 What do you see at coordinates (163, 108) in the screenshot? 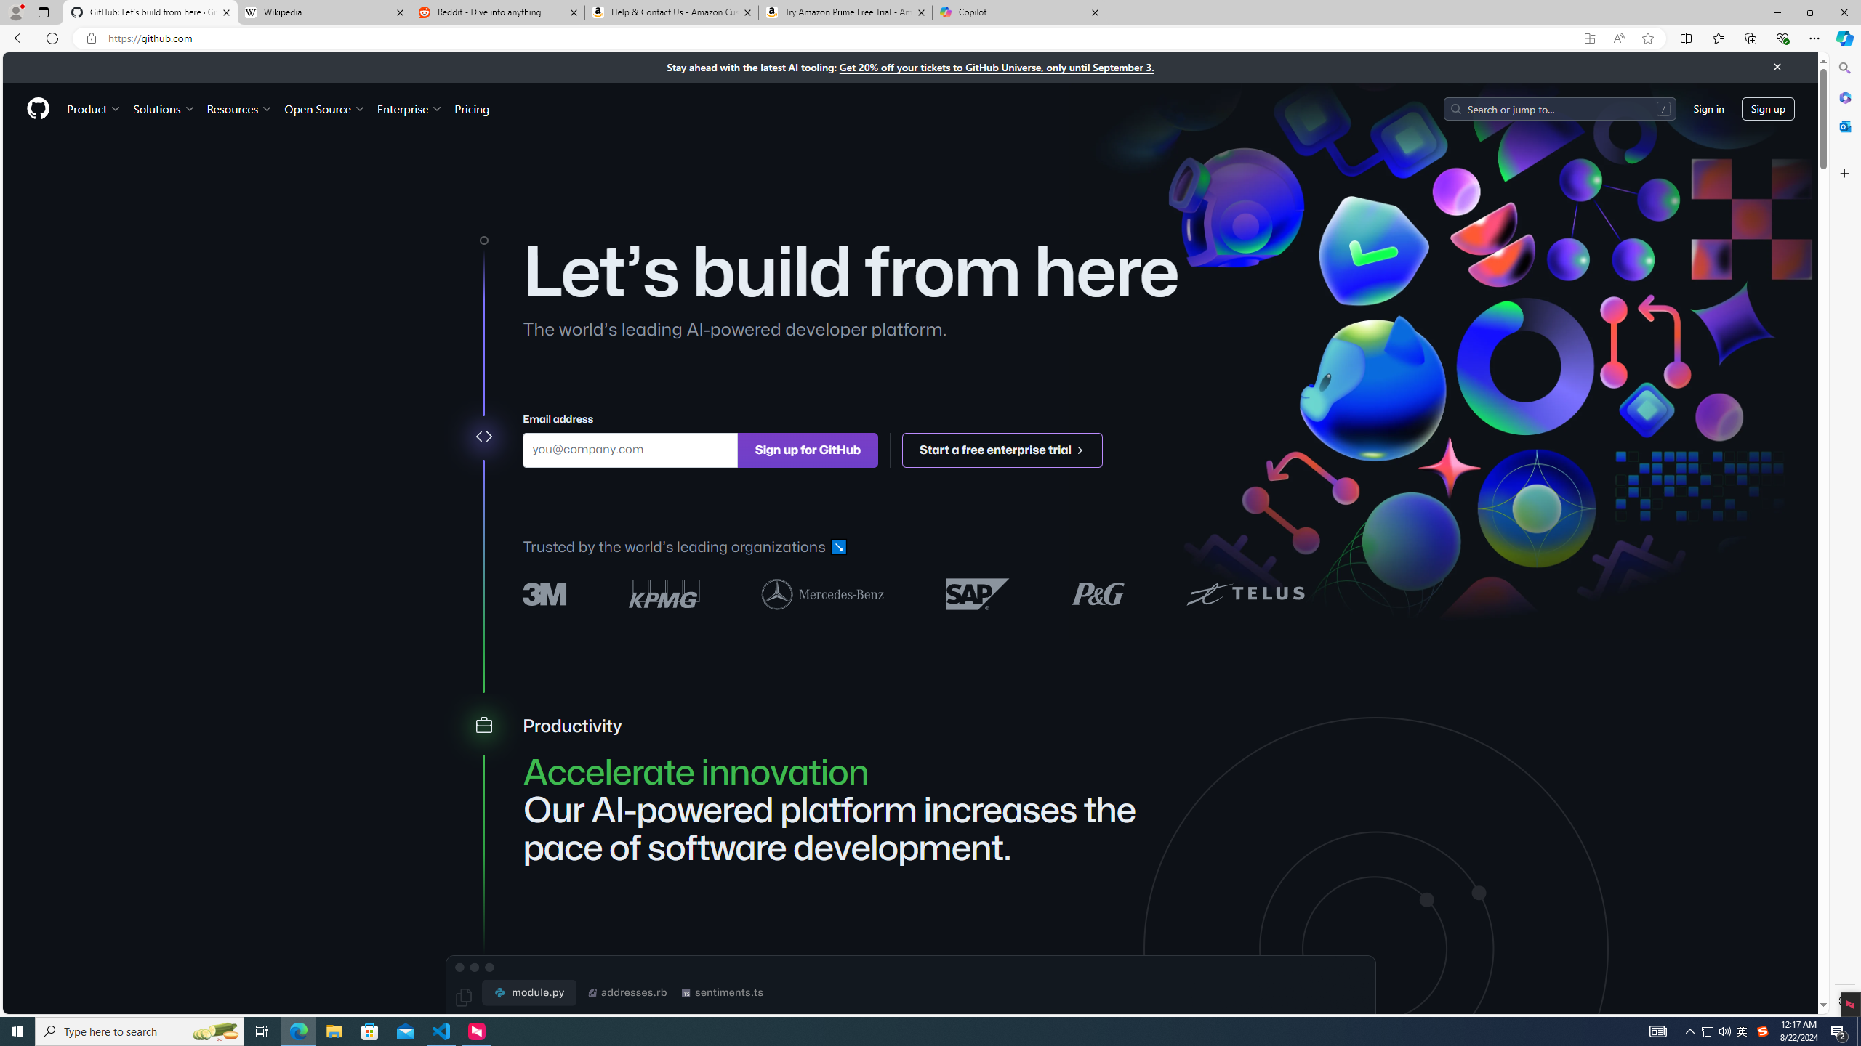
I see `'Solutions'` at bounding box center [163, 108].